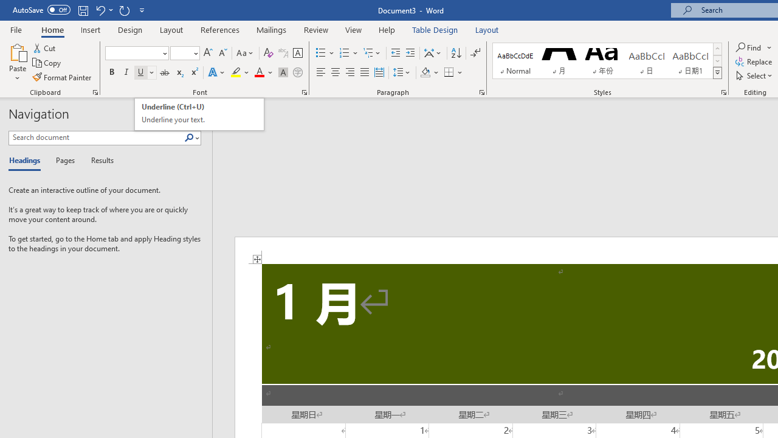 The image size is (778, 438). What do you see at coordinates (607, 61) in the screenshot?
I see `'AutomationID: QuickStylesGallery'` at bounding box center [607, 61].